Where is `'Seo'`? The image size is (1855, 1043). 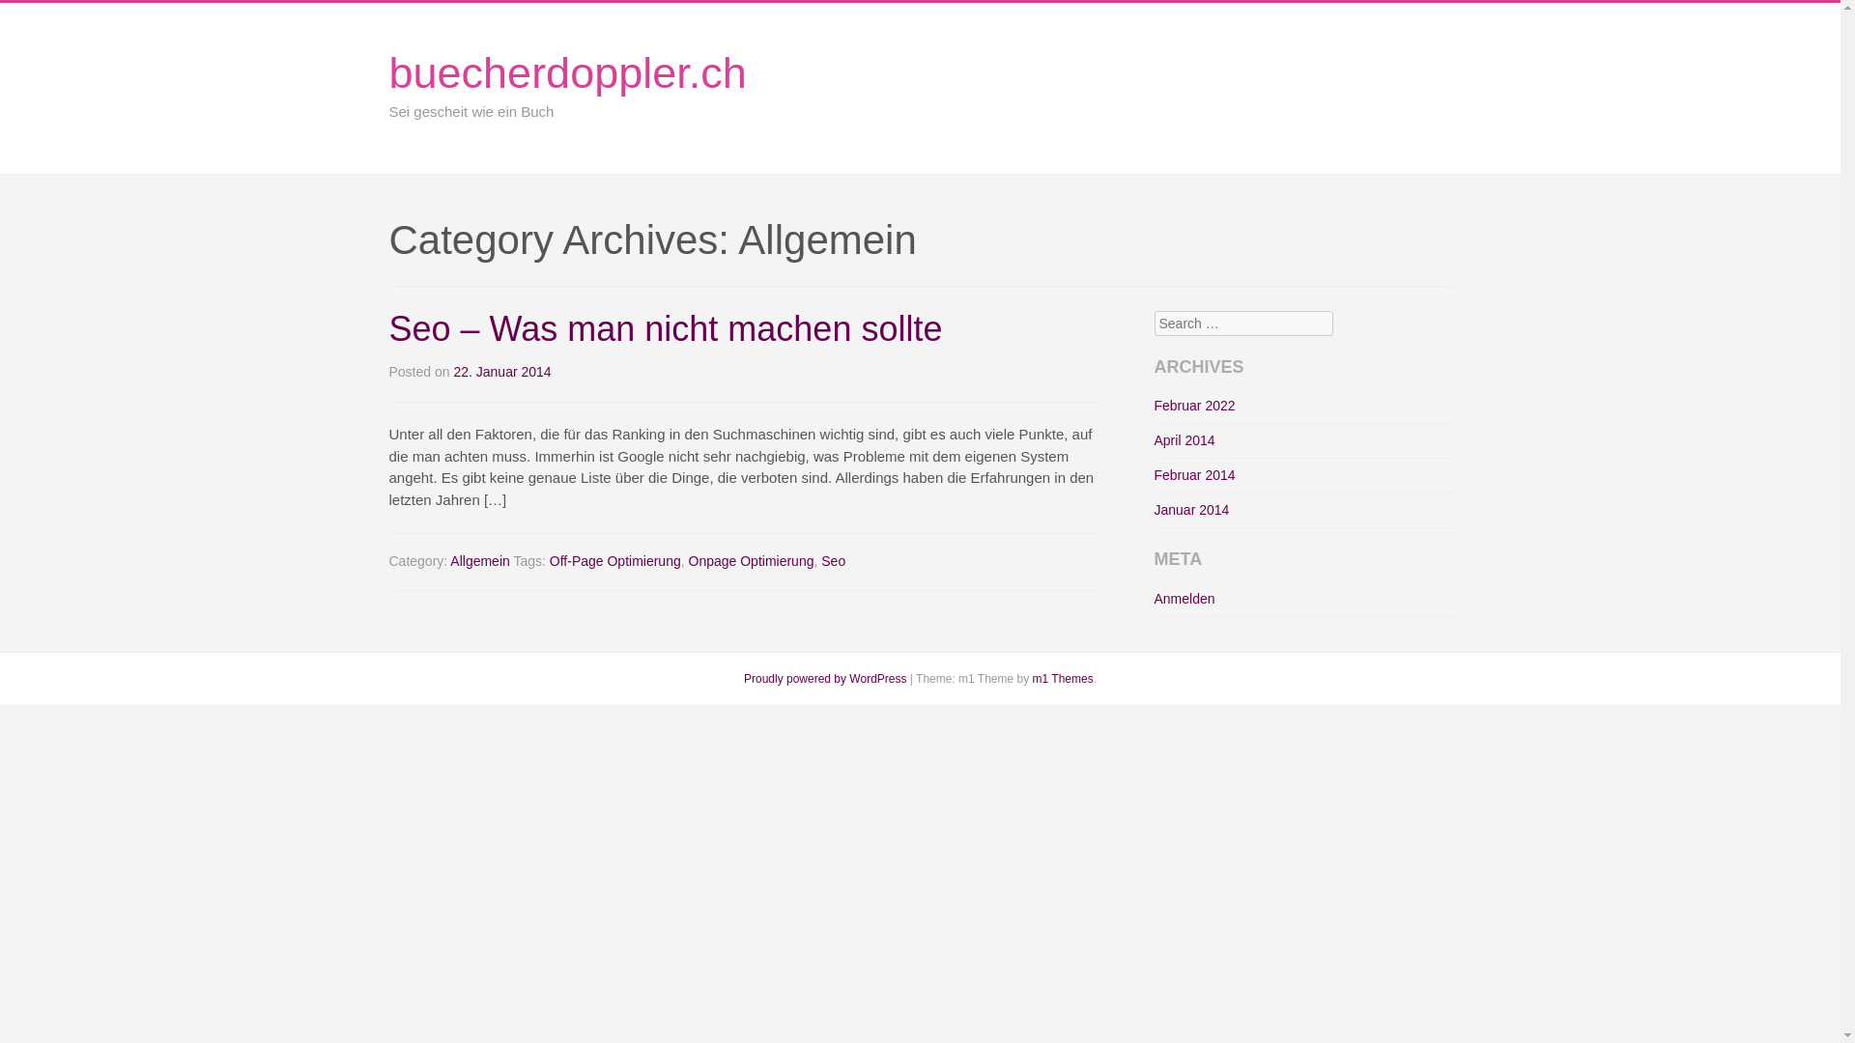 'Seo' is located at coordinates (833, 561).